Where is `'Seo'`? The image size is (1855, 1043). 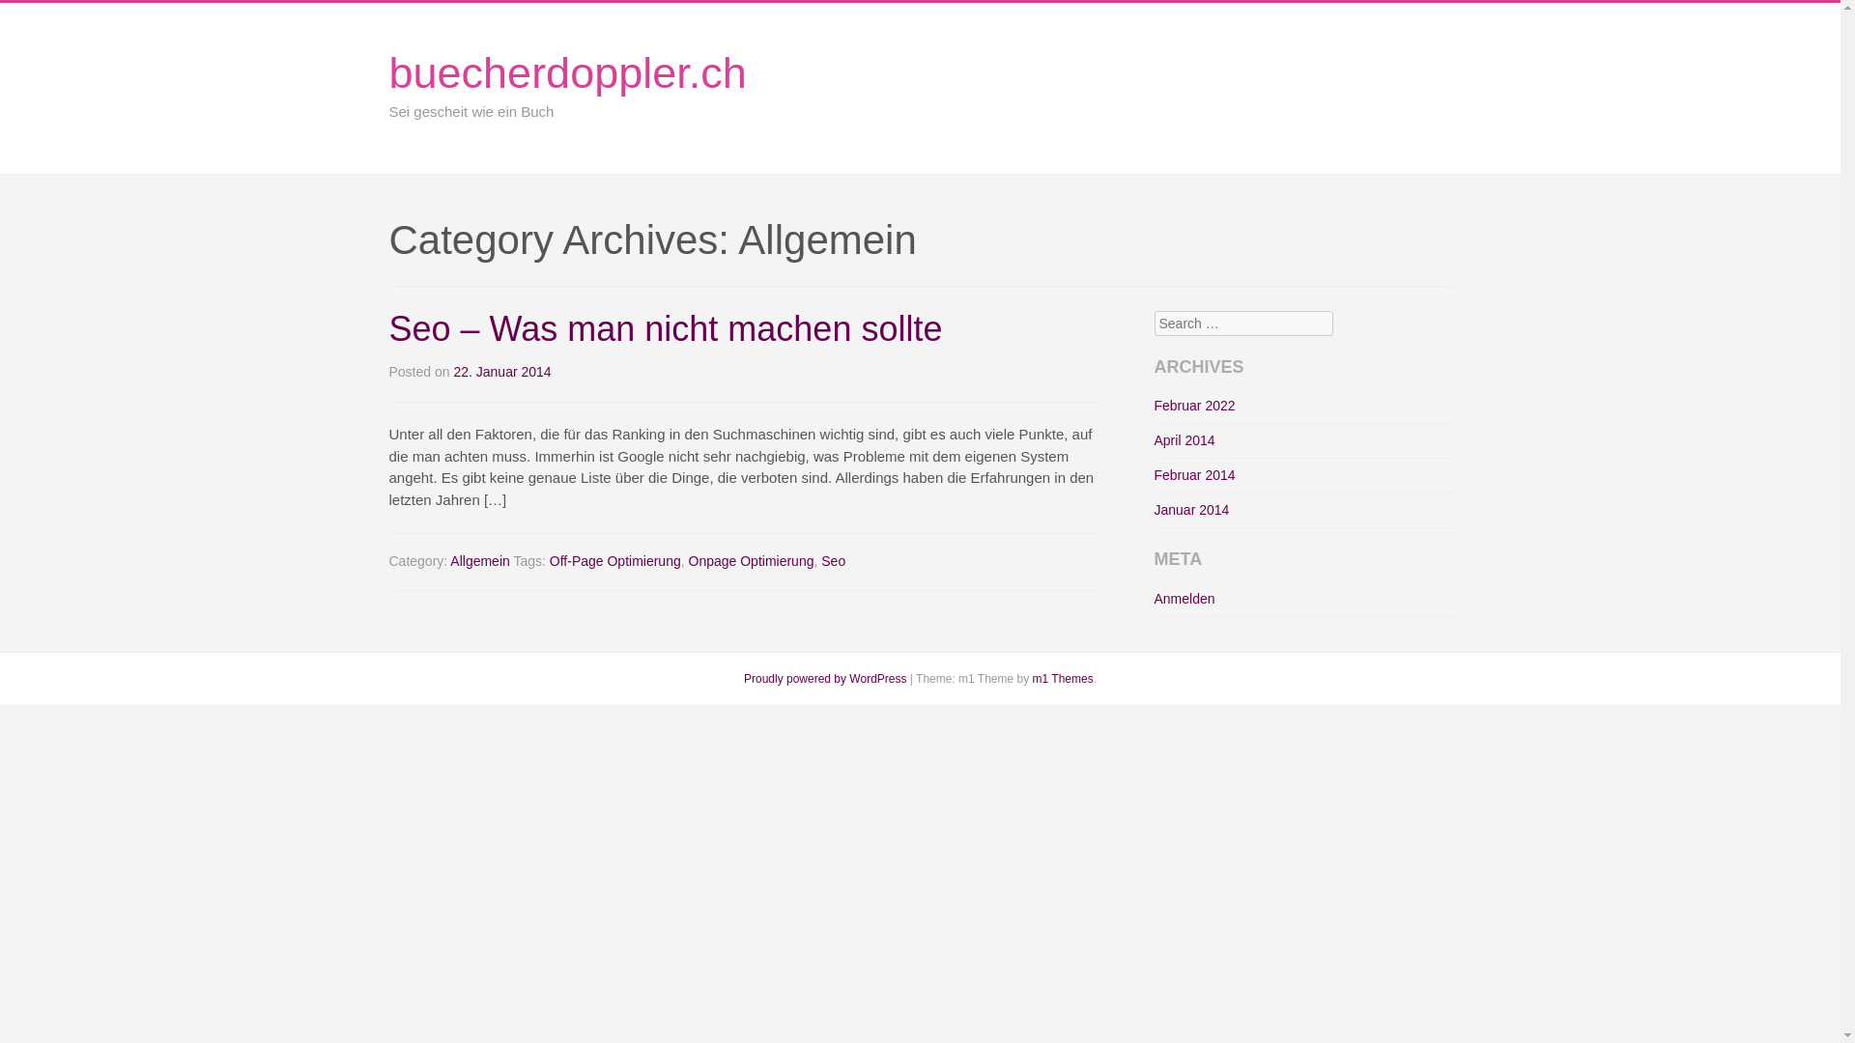 'Seo' is located at coordinates (833, 561).